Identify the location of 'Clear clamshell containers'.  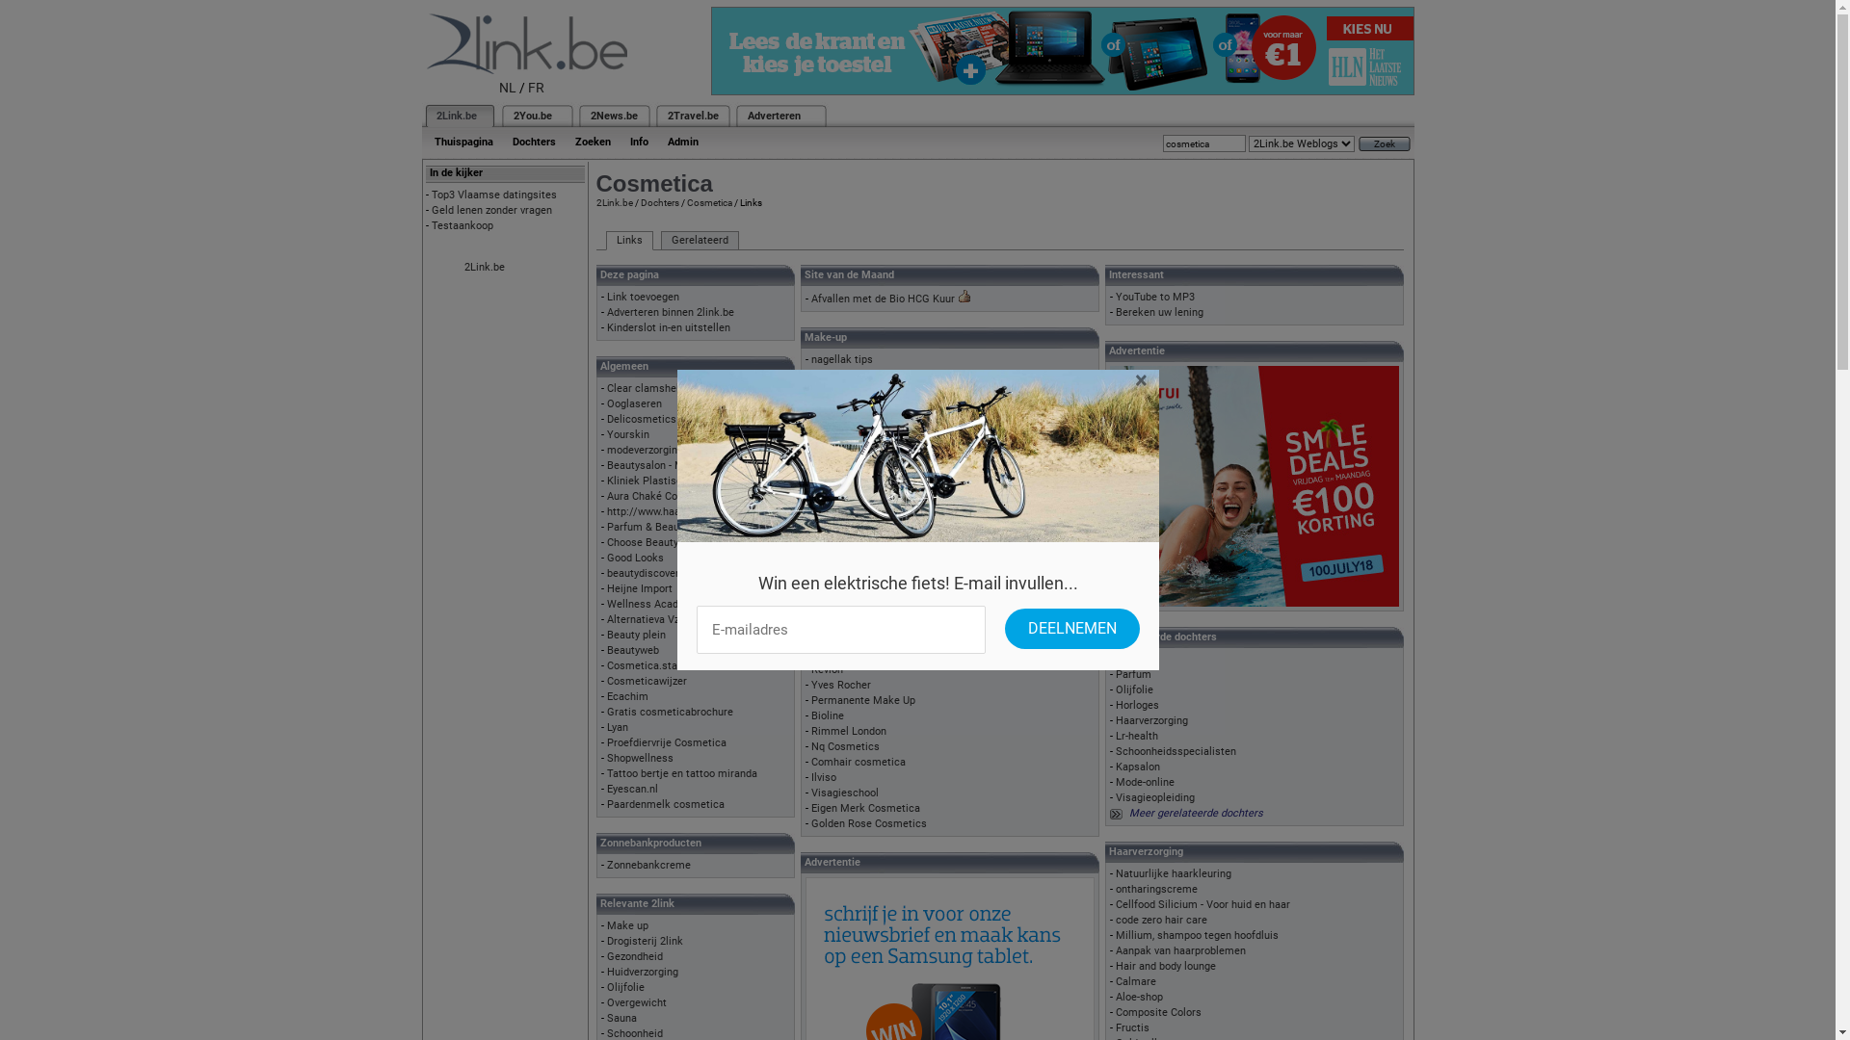
(671, 388).